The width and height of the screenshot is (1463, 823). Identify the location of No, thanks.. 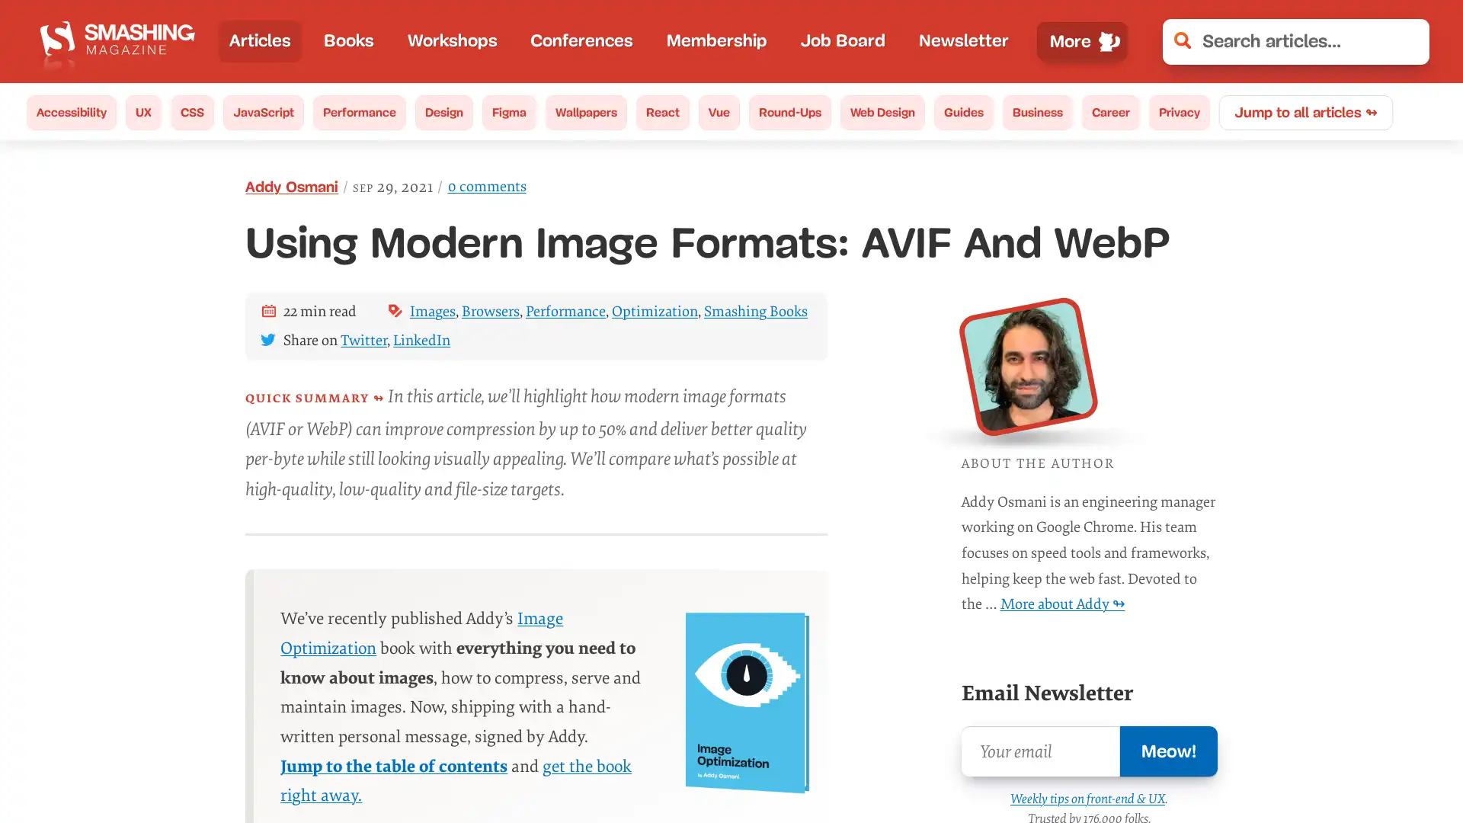
(1200, 760).